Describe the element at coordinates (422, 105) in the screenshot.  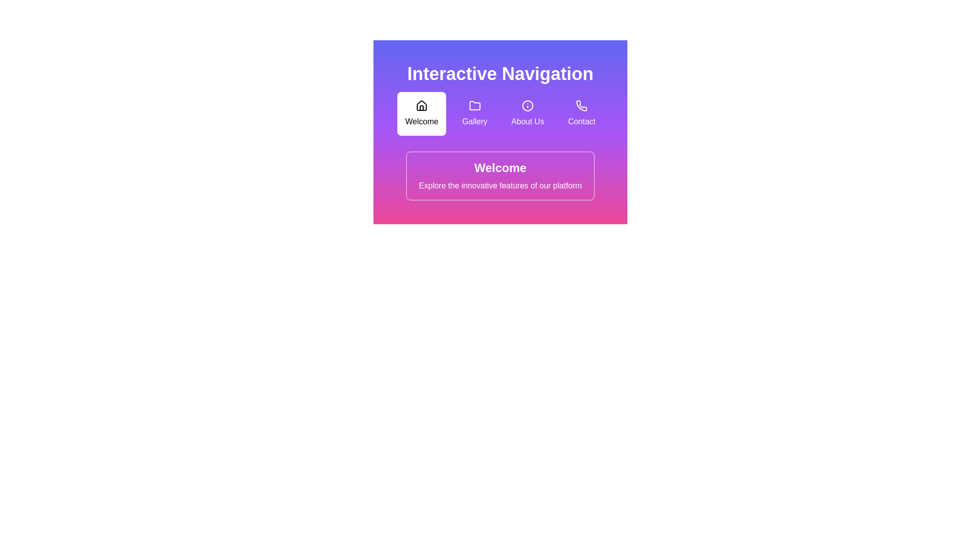
I see `the house-shaped icon located in the 'Welcome' section of the navigation menu` at that location.